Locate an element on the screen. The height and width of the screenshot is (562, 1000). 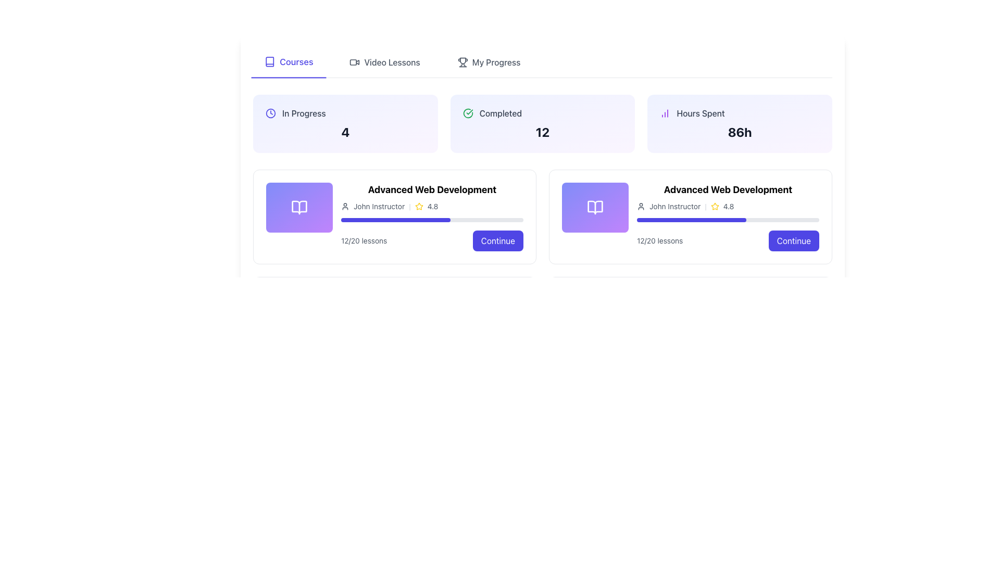
the large, bold number '4' inside the gradient purple rectangular card labeled 'In Progress' is located at coordinates (345, 132).